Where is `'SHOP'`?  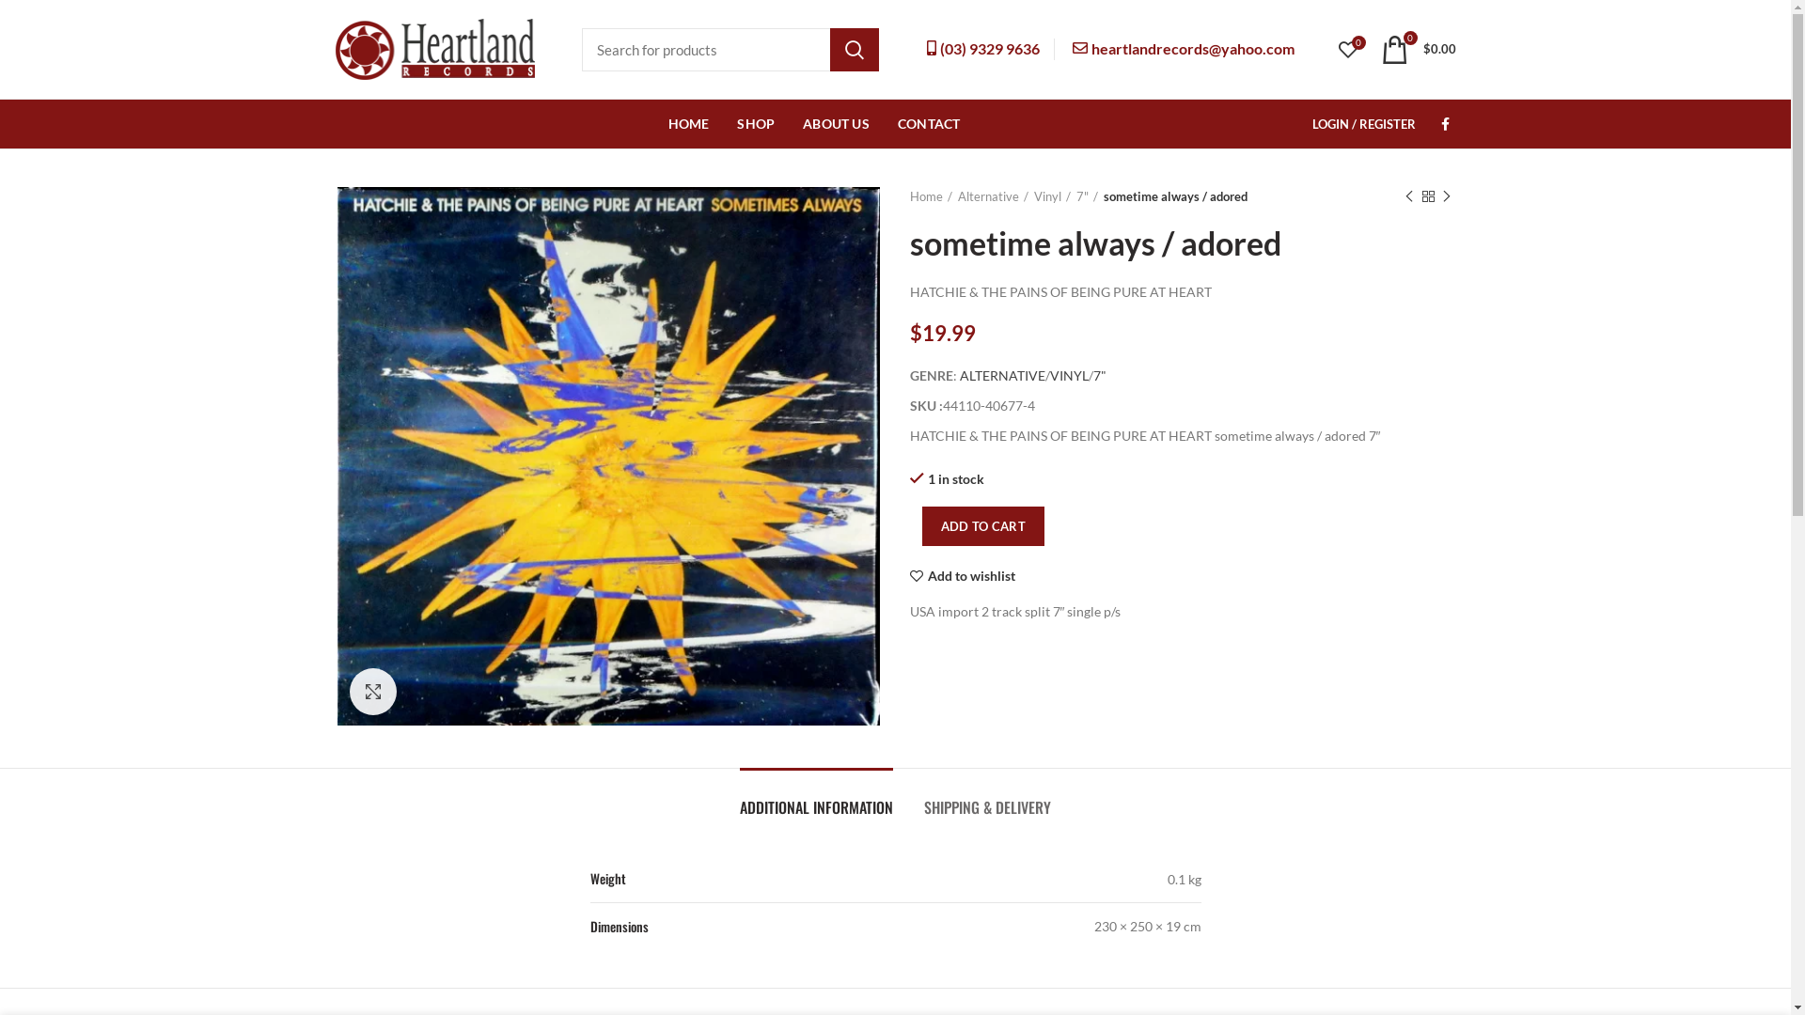
'SHOP' is located at coordinates (755, 123).